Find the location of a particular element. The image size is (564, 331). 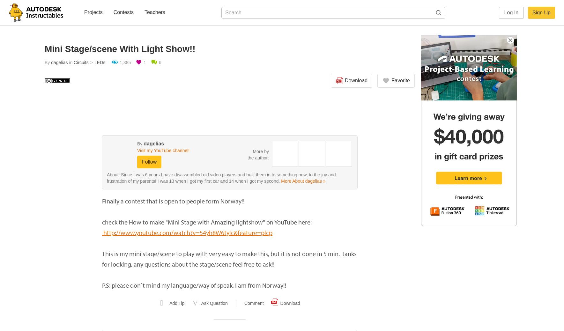

'Circuits' is located at coordinates (81, 62).